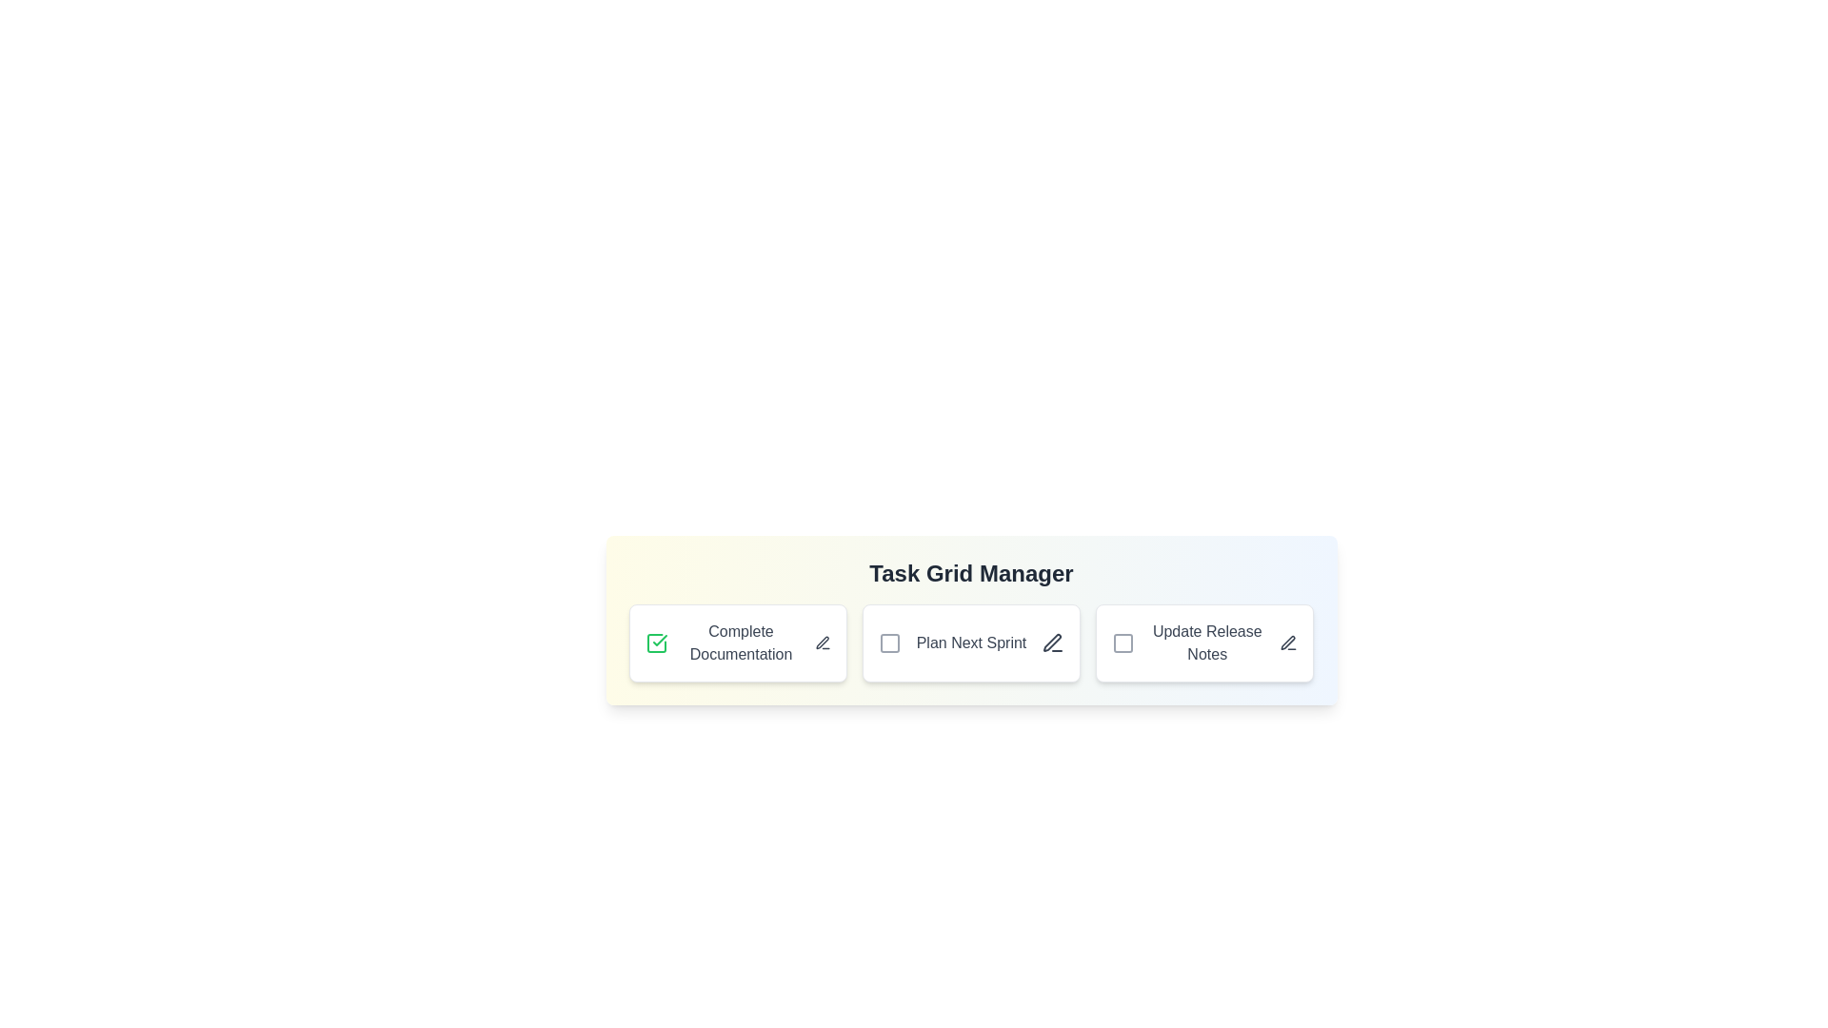  Describe the element at coordinates (1051, 642) in the screenshot. I see `the edit icon next to the task titled 'Plan Next Sprint' to initiate editing` at that location.